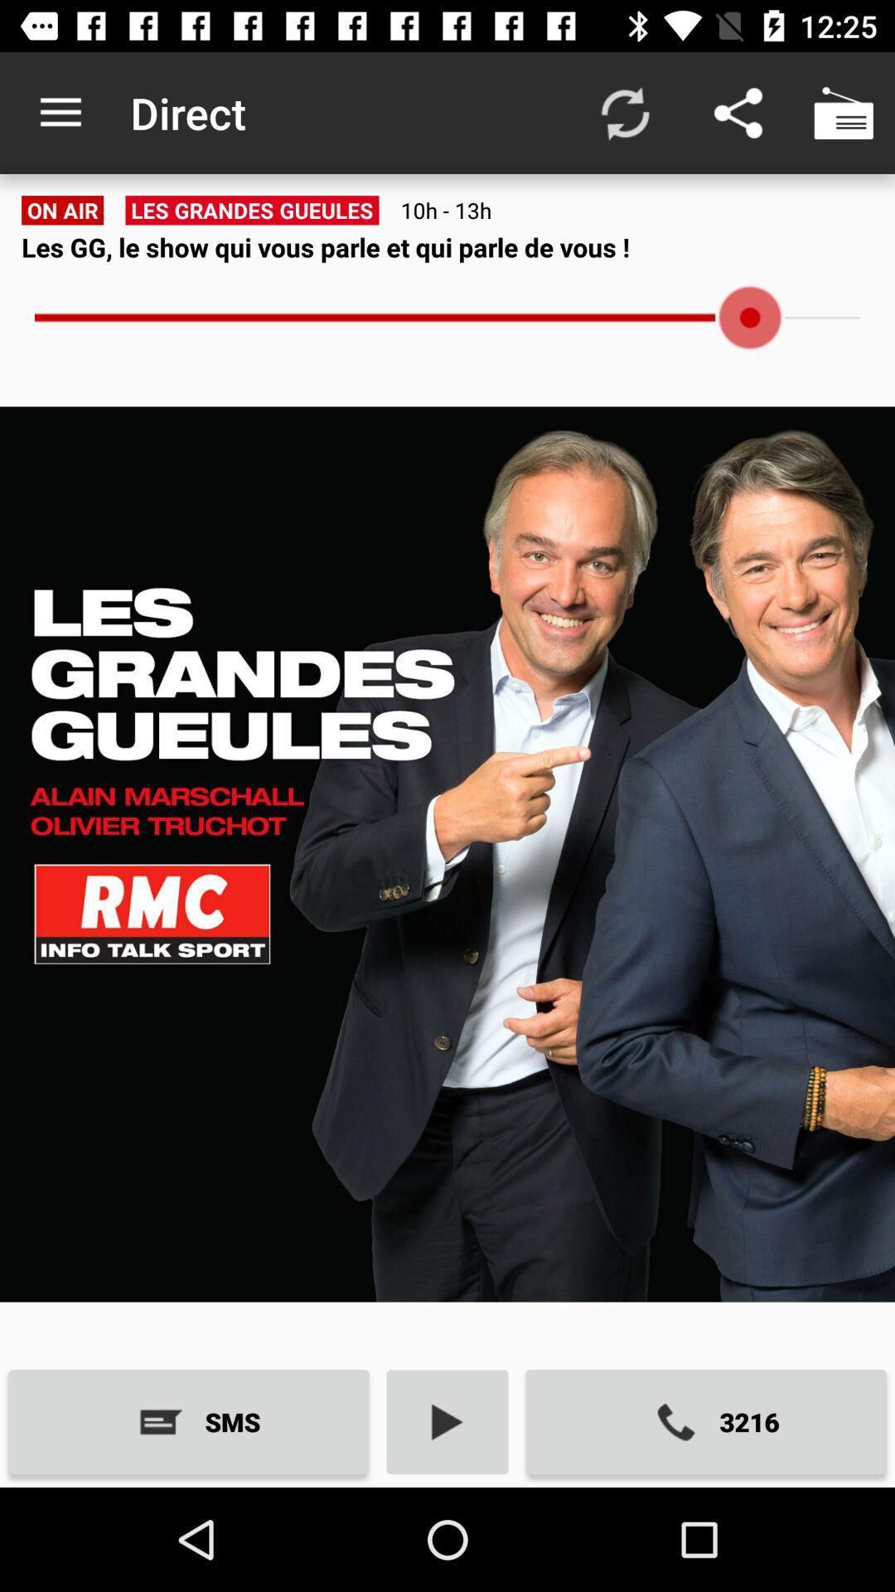 This screenshot has width=895, height=1592. What do you see at coordinates (60, 112) in the screenshot?
I see `app next to direct app` at bounding box center [60, 112].